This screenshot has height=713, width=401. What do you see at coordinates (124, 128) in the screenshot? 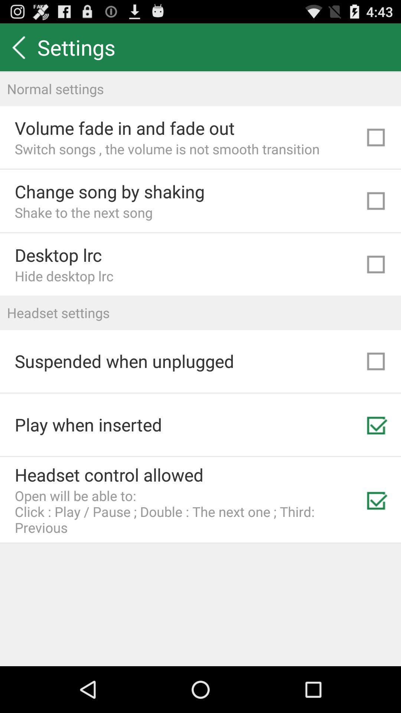
I see `the app above switch songs the icon` at bounding box center [124, 128].